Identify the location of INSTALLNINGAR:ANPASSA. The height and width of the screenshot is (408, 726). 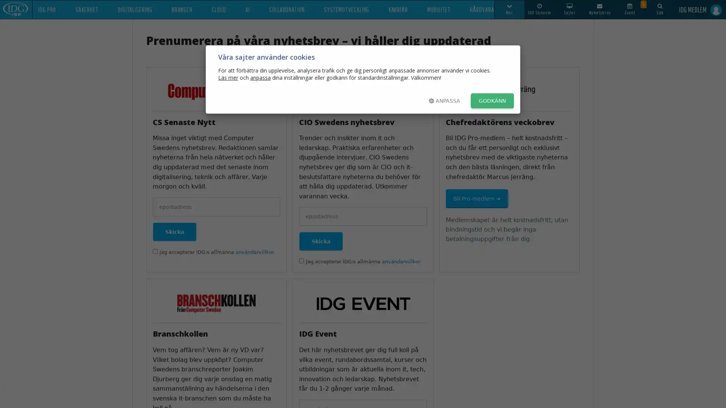
(444, 100).